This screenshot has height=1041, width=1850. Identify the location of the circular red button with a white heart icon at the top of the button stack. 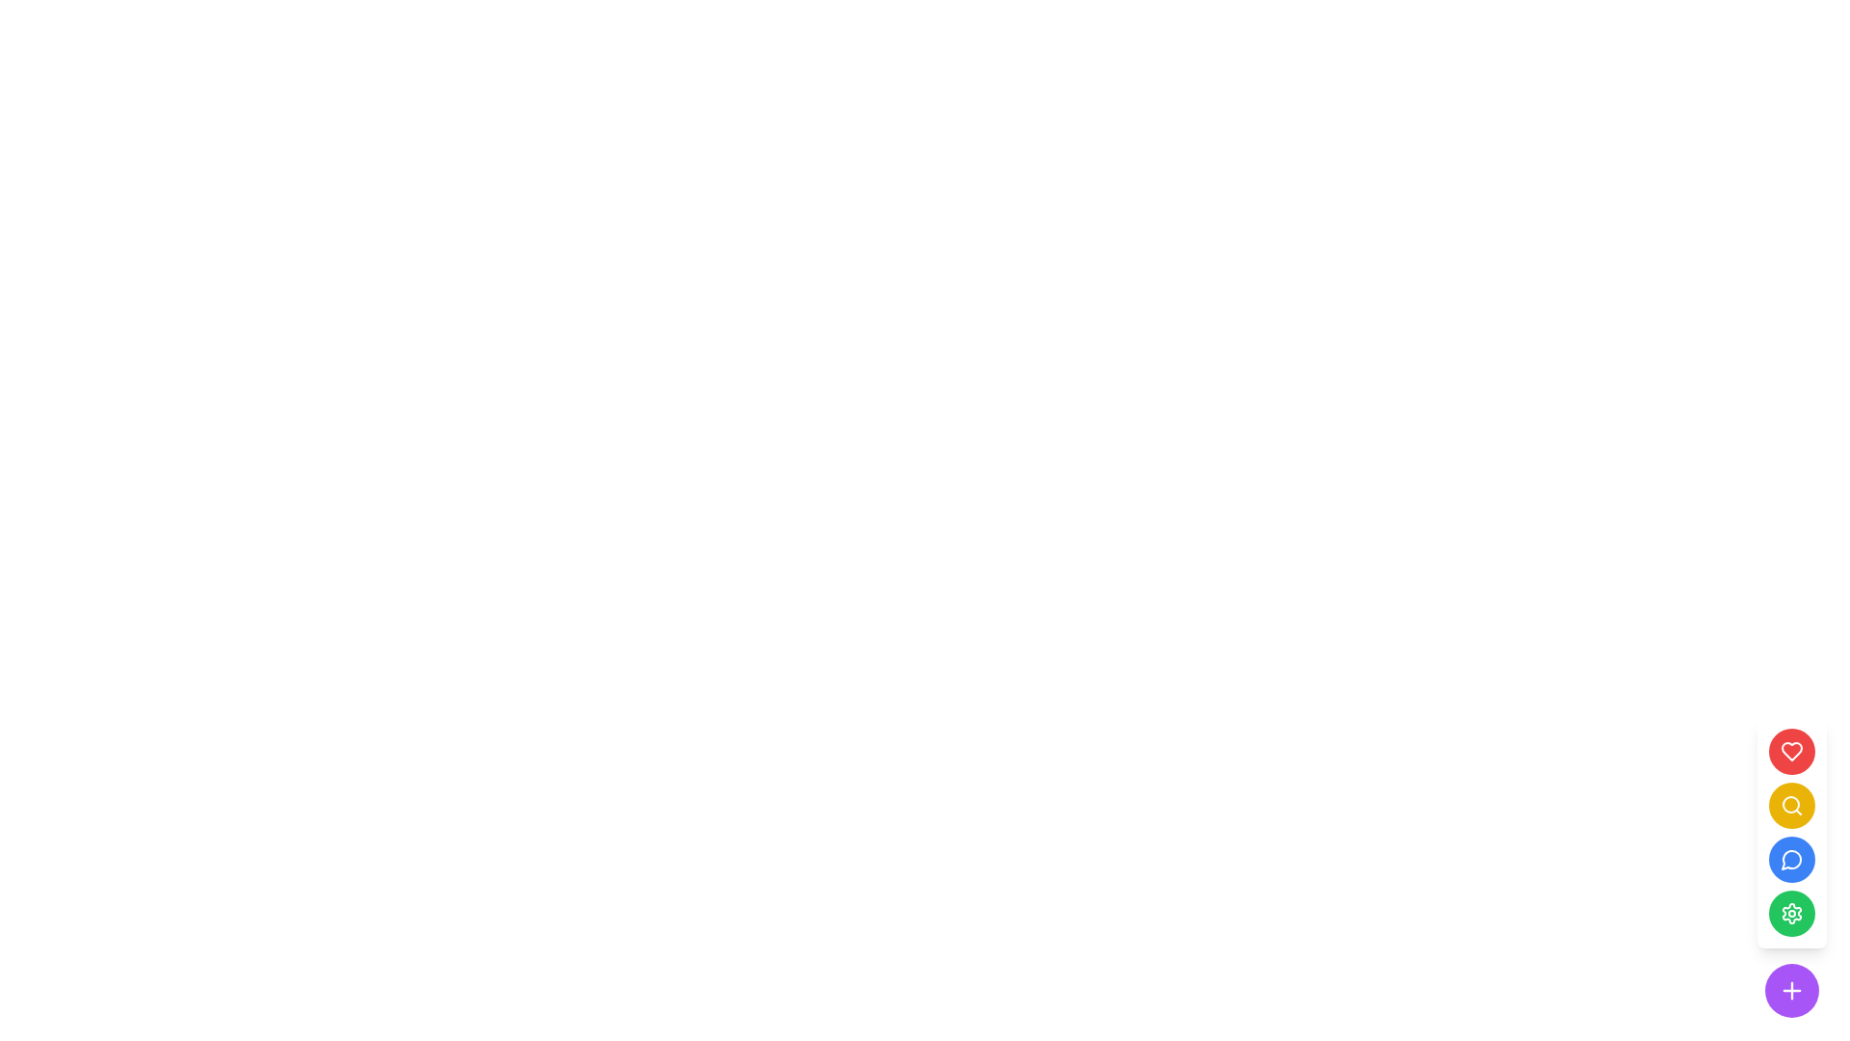
(1791, 750).